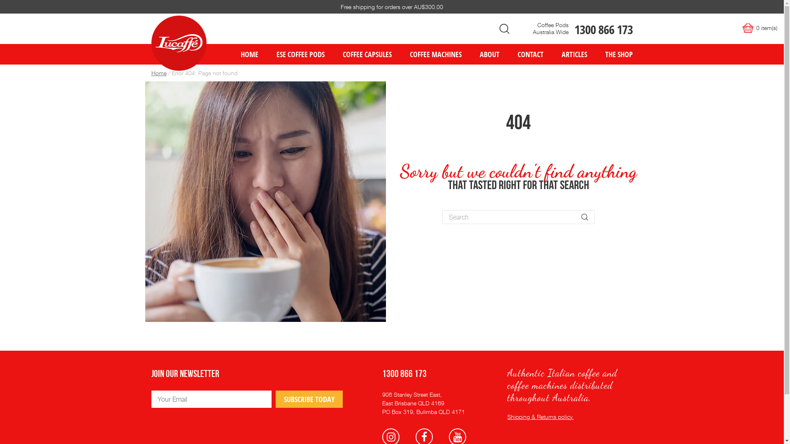 The width and height of the screenshot is (790, 444). I want to click on 'Home', so click(159, 72).